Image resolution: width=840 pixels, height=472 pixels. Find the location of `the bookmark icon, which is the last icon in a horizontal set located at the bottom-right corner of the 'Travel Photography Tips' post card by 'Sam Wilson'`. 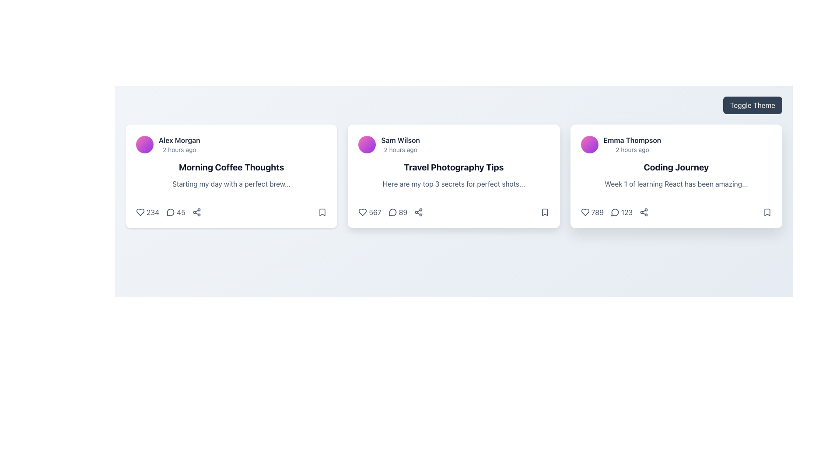

the bookmark icon, which is the last icon in a horizontal set located at the bottom-right corner of the 'Travel Photography Tips' post card by 'Sam Wilson' is located at coordinates (544, 212).